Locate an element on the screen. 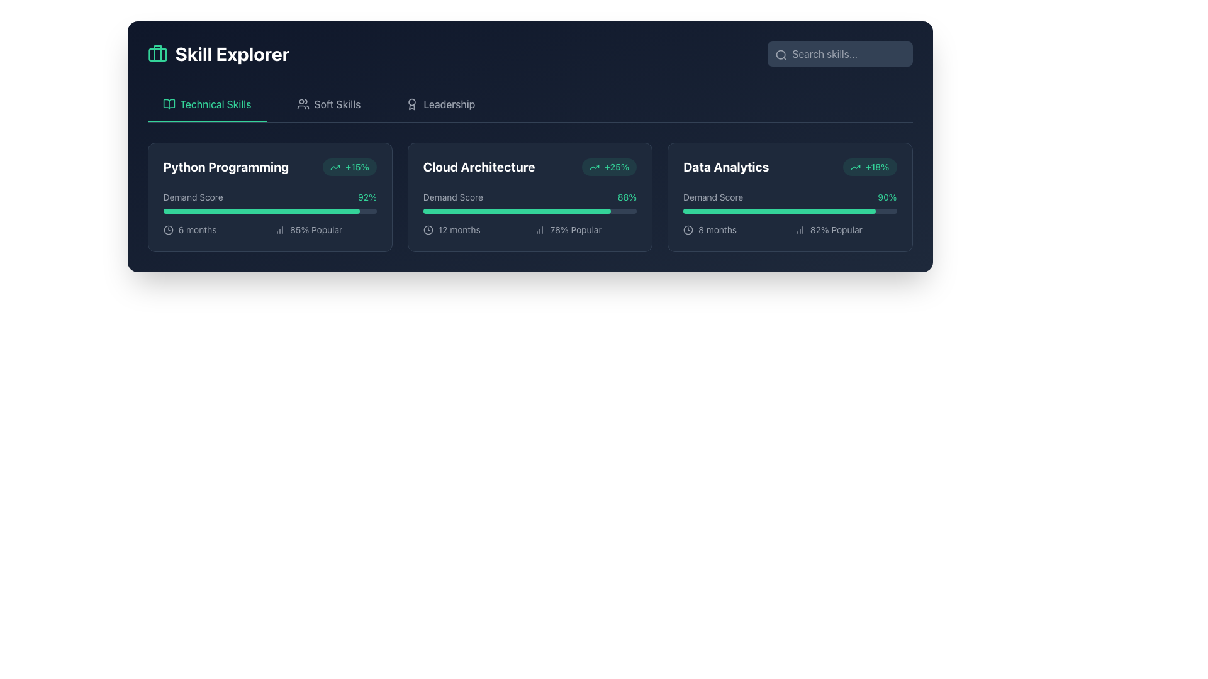 This screenshot has height=679, width=1208. the clock icon located in the 'Cloud Architecture' section, which precedes the text '12 months' as supplementary information is located at coordinates (428, 230).